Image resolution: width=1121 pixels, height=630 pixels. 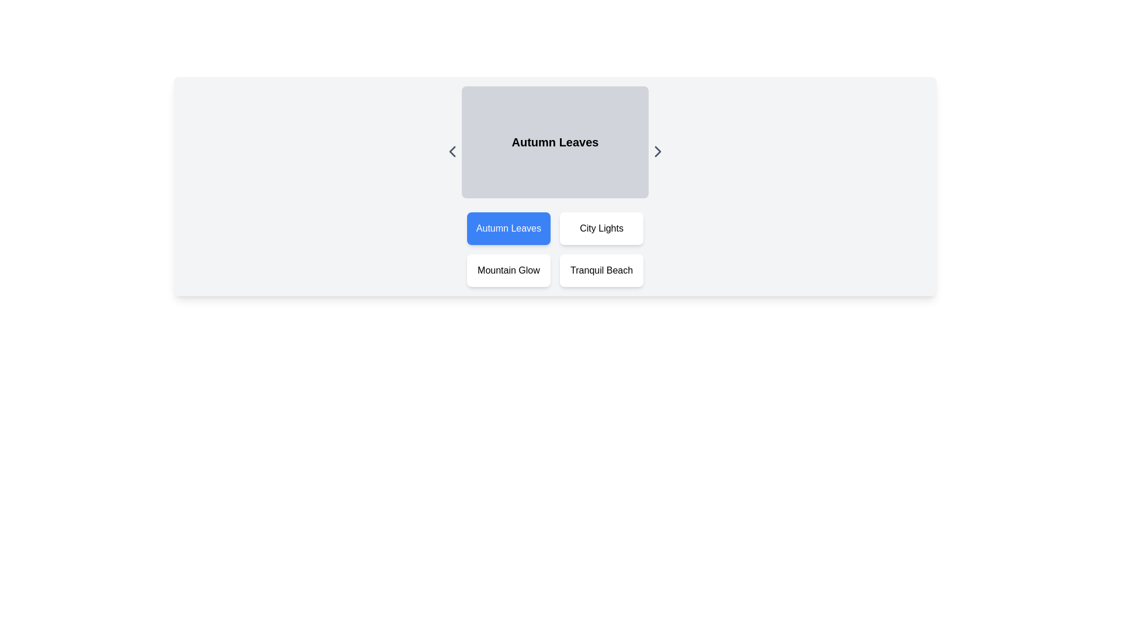 What do you see at coordinates (509, 229) in the screenshot?
I see `the button labeled 'Autumn Leaves' which is a vibrant blue rectangular button with rounded corners located in the top-left corner of the grid` at bounding box center [509, 229].